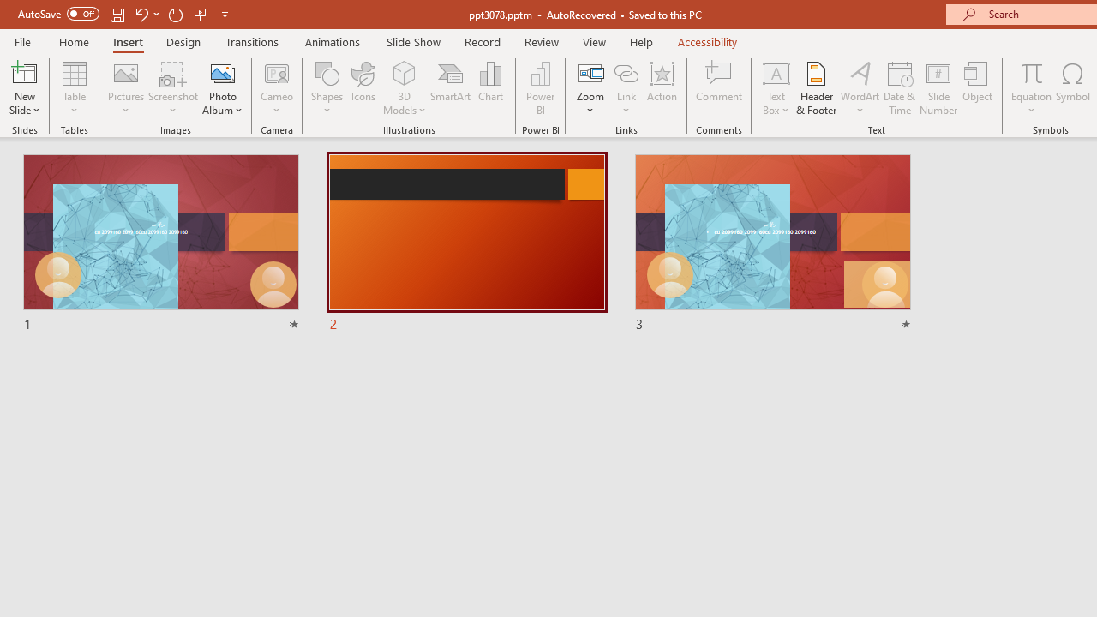 The height and width of the screenshot is (617, 1097). I want to click on 'Cameo', so click(277, 72).